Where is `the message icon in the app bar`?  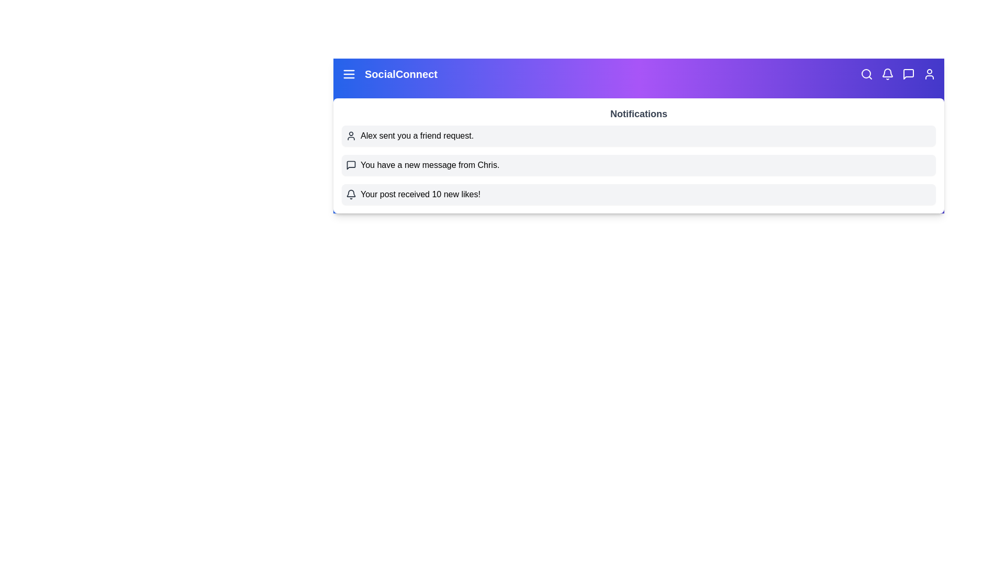
the message icon in the app bar is located at coordinates (908, 74).